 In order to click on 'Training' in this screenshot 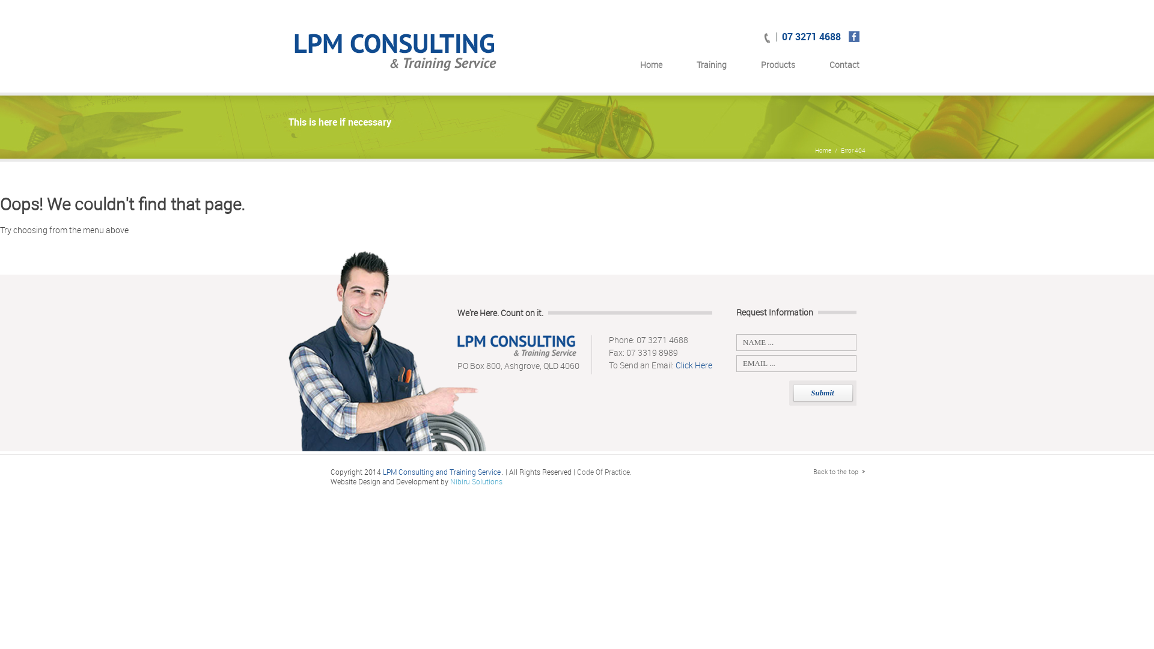, I will do `click(712, 67)`.